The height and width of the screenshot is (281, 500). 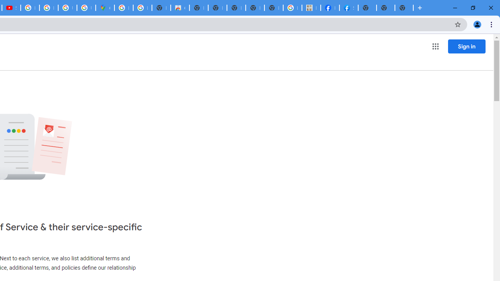 What do you see at coordinates (104, 8) in the screenshot?
I see `'Google Maps'` at bounding box center [104, 8].